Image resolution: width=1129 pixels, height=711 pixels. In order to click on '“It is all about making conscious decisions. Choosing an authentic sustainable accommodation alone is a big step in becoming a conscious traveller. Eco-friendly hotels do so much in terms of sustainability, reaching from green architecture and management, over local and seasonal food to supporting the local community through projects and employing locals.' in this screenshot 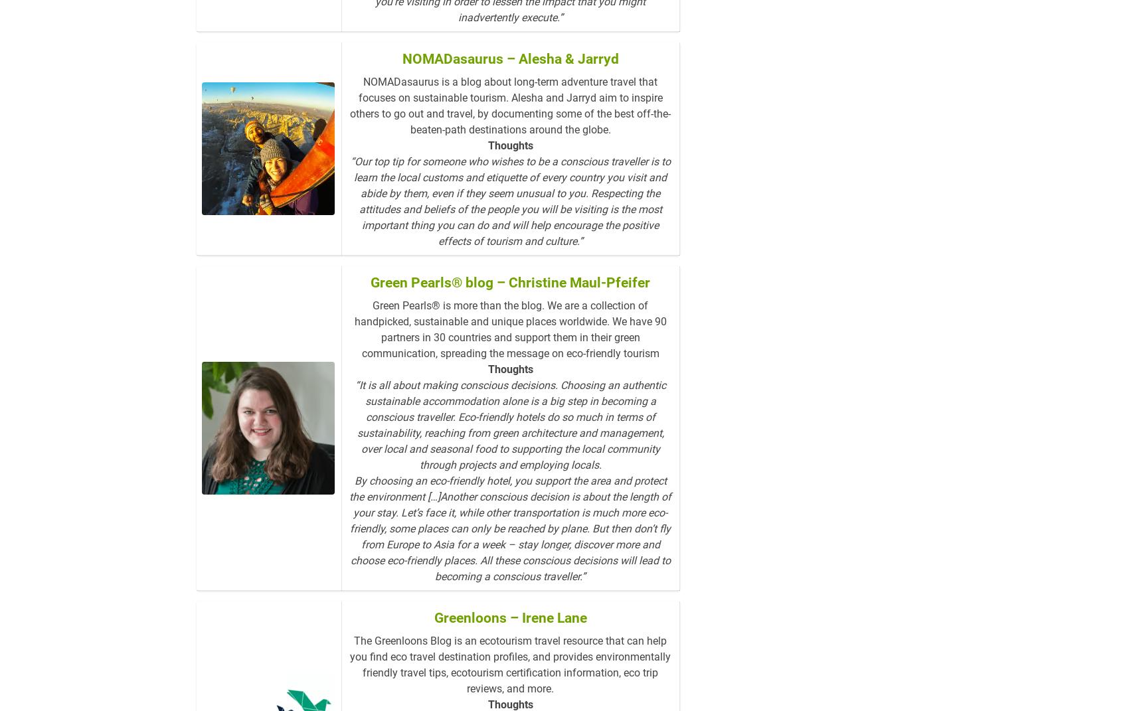, I will do `click(353, 424)`.